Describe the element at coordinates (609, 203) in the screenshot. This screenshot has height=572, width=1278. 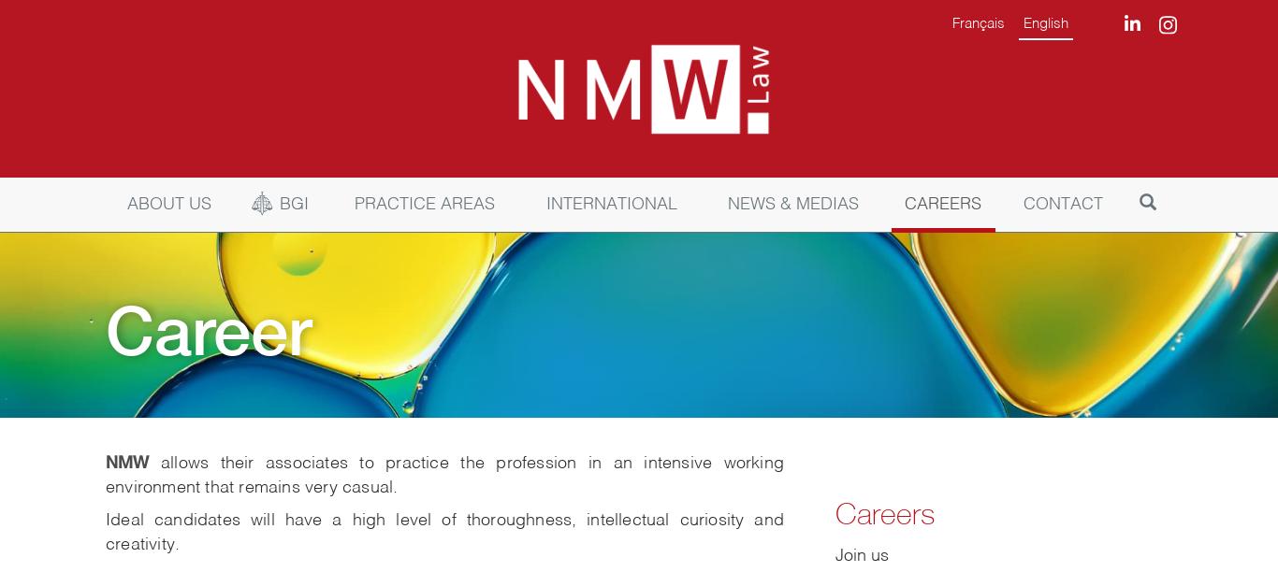
I see `'INTERNATIONAL'` at that location.